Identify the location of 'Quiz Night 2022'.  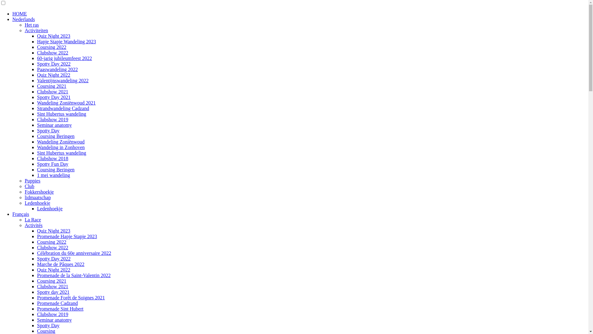
(53, 75).